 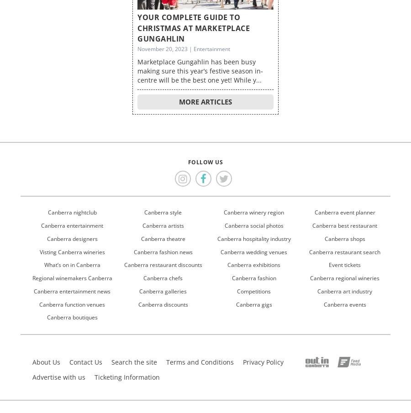 What do you see at coordinates (253, 225) in the screenshot?
I see `'Canberra social photos'` at bounding box center [253, 225].